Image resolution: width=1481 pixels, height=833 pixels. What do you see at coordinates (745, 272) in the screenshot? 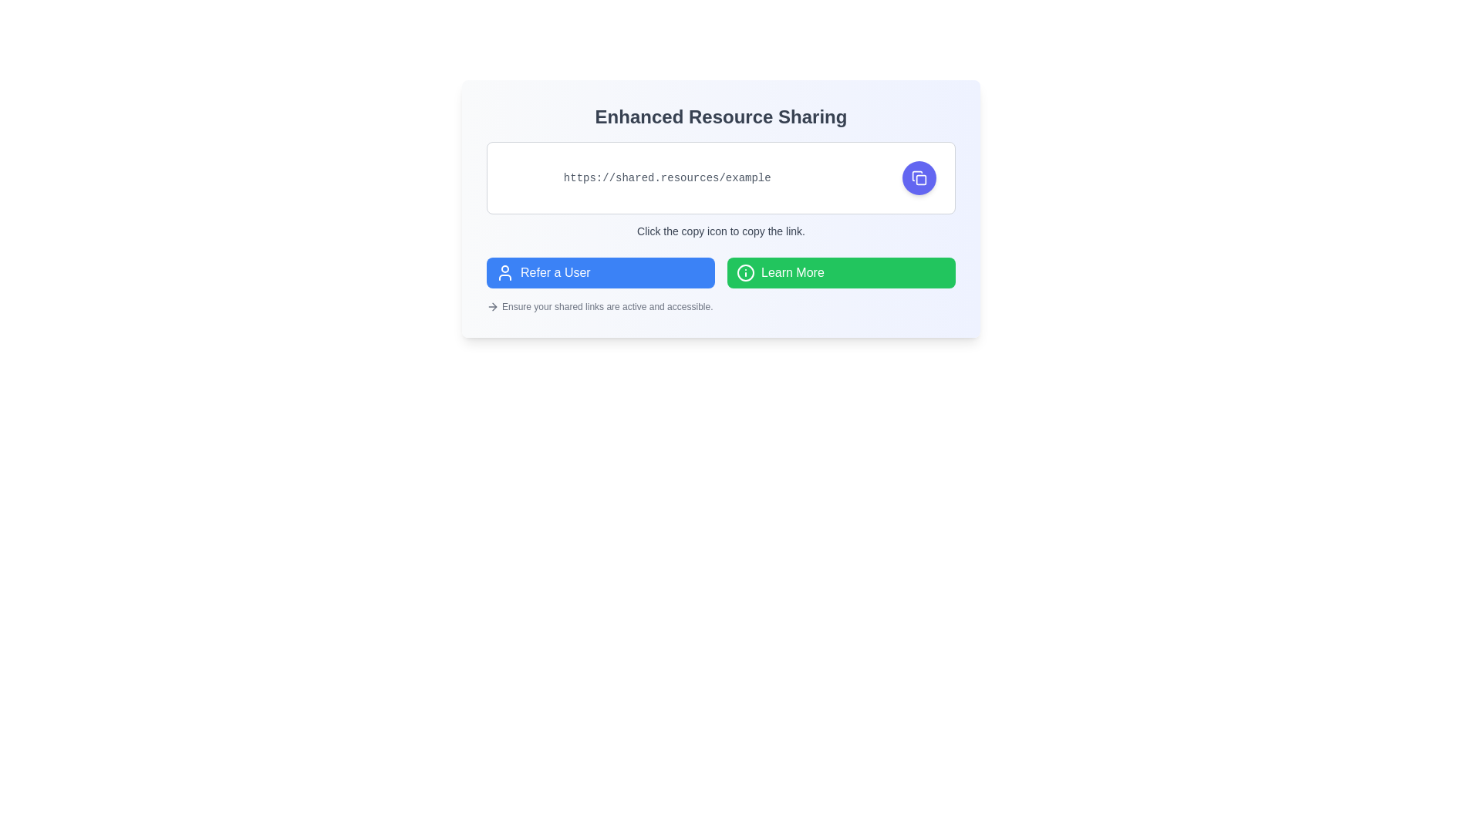
I see `the information icon within the green 'Learn More' button` at bounding box center [745, 272].